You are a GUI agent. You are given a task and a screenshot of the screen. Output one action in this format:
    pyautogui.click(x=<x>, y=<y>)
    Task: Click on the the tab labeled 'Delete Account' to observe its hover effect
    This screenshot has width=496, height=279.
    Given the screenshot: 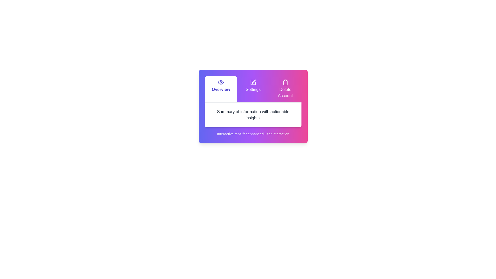 What is the action you would take?
    pyautogui.click(x=285, y=89)
    